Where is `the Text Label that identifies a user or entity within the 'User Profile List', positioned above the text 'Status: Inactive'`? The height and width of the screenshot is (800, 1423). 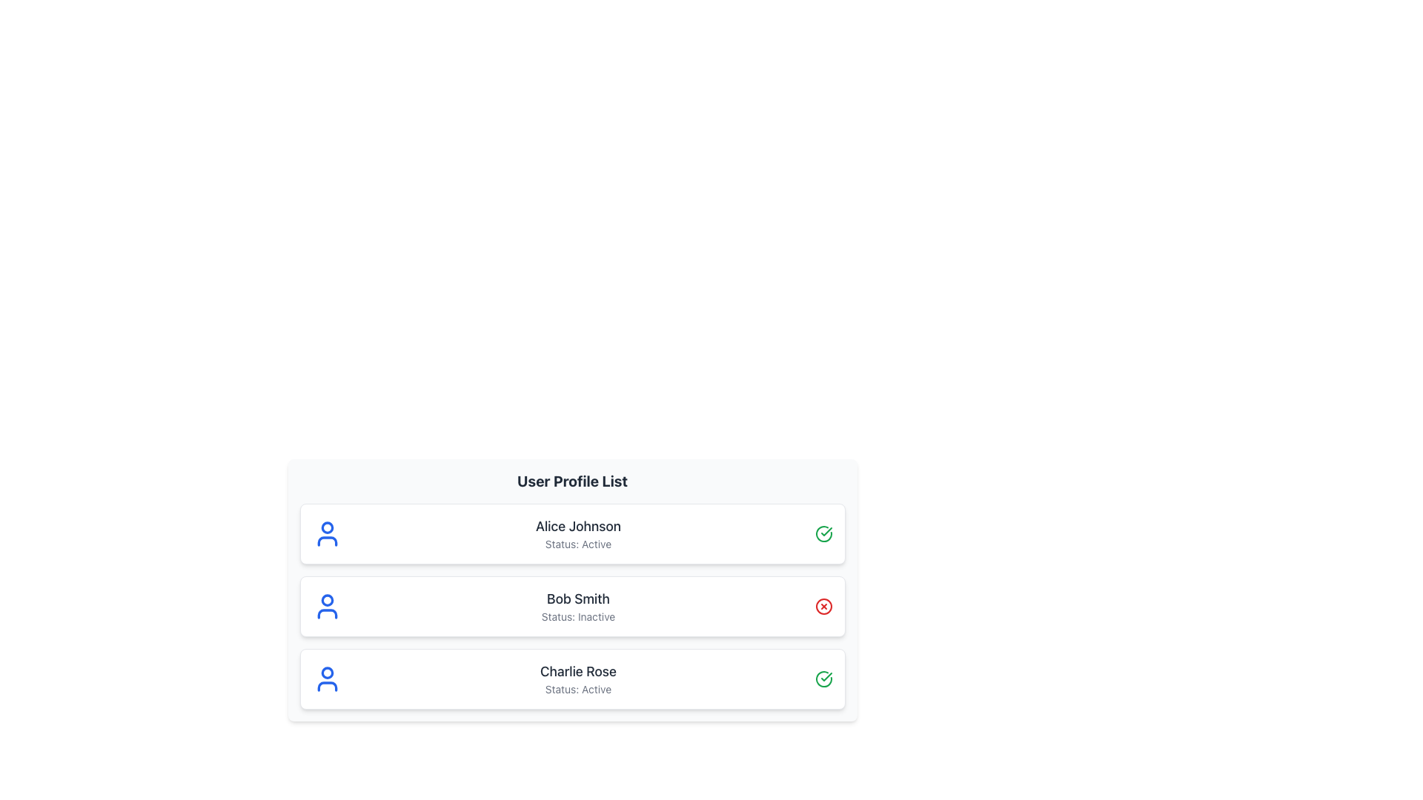 the Text Label that identifies a user or entity within the 'User Profile List', positioned above the text 'Status: Inactive' is located at coordinates (577, 599).